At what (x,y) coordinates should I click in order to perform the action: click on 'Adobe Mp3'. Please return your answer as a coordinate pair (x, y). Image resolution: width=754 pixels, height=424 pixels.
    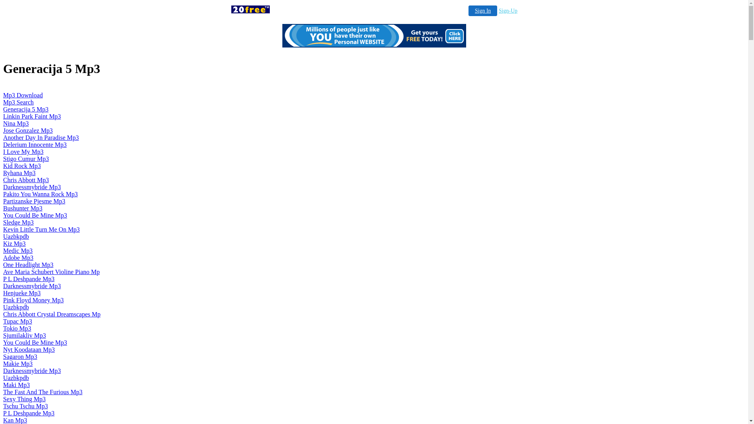
    Looking at the image, I should click on (18, 258).